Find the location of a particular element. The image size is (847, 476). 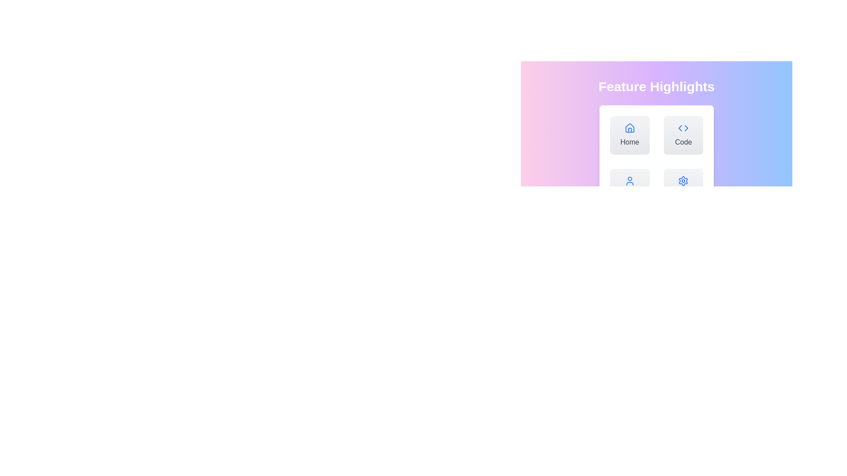

the 'Settings' button located at the bottom-right of the grid layout is located at coordinates (683, 188).